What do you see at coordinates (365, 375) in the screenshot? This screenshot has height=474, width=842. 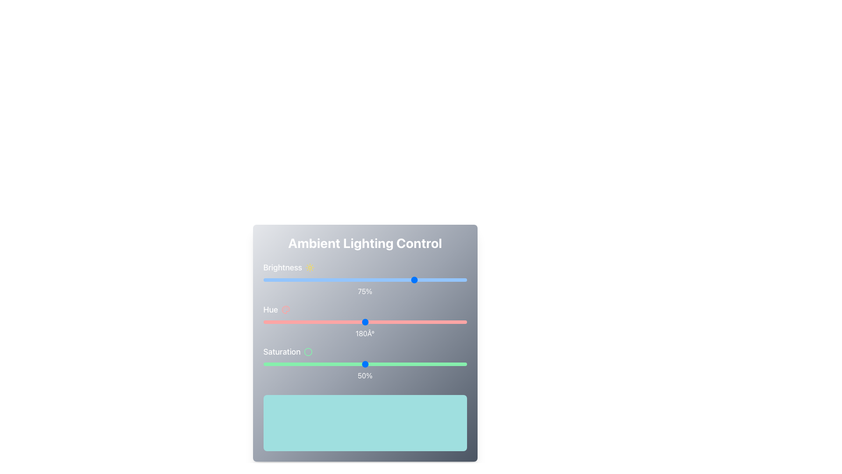 I see `the text label displaying '50%' that is styled with a white font color and is centered below the 'Saturation' slider in the control panel interface` at bounding box center [365, 375].